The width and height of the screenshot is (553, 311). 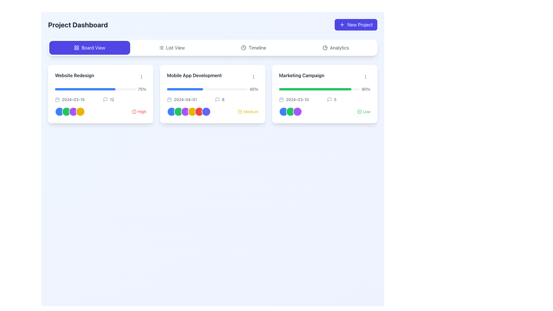 I want to click on the fourth circular visual marker with a yellow background and white border, located below the progress bar and date label of the 'Website Redesign' card in the dashboard, so click(x=80, y=112).